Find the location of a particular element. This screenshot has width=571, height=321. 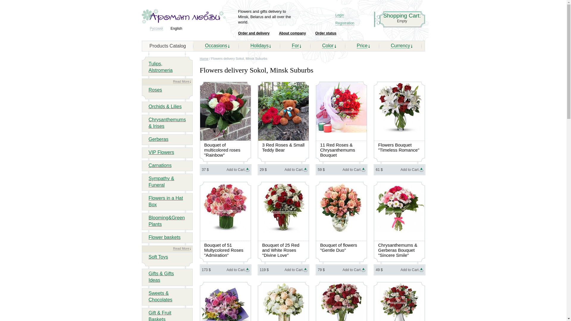

'Login' is located at coordinates (340, 14).